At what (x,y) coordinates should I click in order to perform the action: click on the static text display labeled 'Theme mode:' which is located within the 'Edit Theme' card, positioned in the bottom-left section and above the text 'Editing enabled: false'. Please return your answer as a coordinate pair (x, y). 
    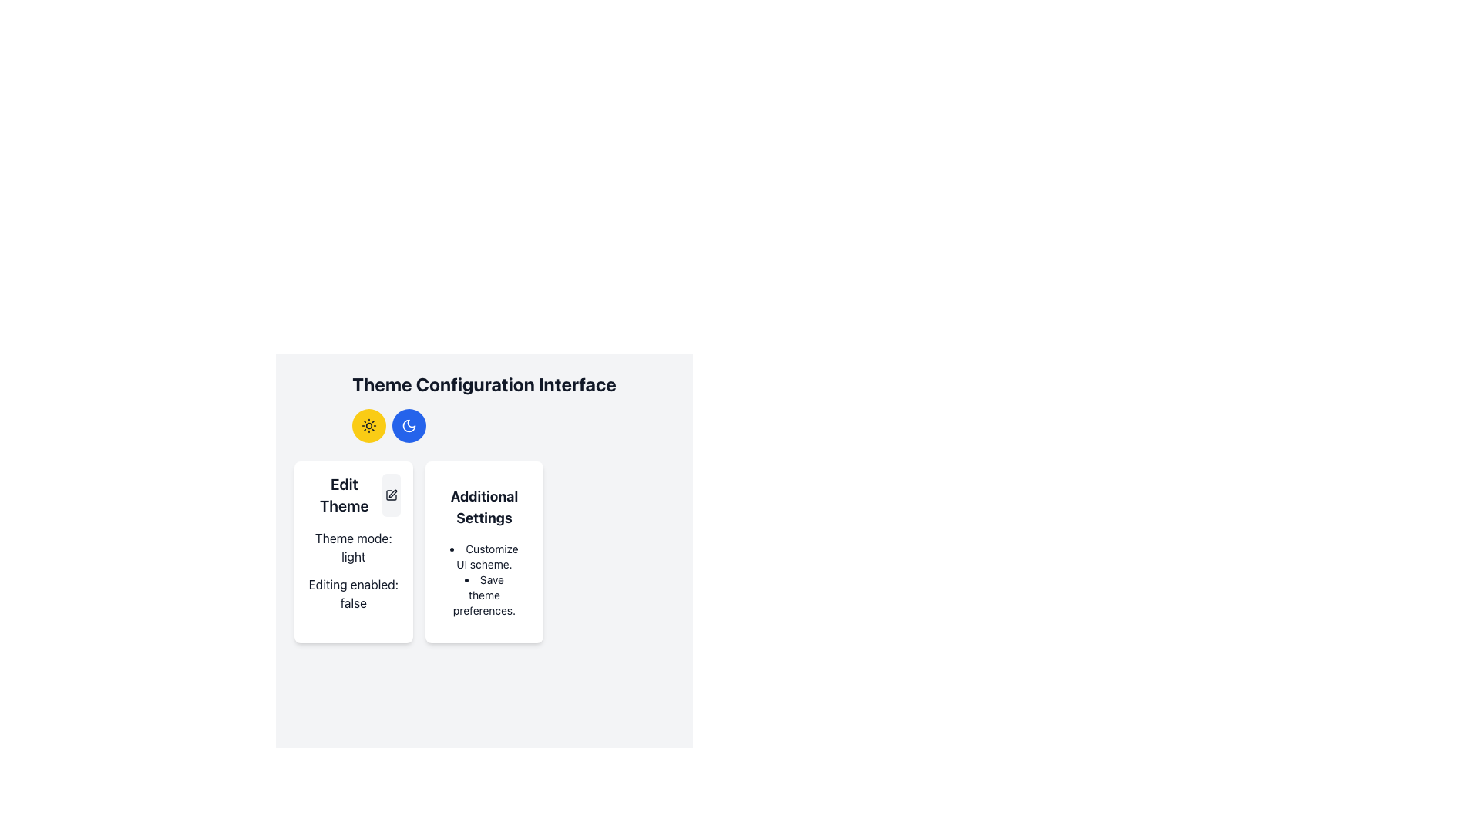
    Looking at the image, I should click on (352, 546).